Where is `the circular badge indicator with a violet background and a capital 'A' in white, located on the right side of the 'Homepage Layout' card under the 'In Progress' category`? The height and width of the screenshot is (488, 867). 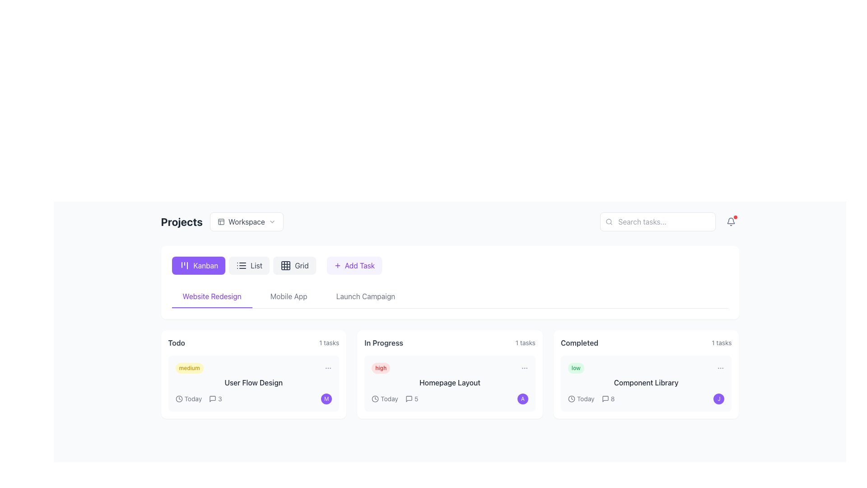 the circular badge indicator with a violet background and a capital 'A' in white, located on the right side of the 'Homepage Layout' card under the 'In Progress' category is located at coordinates (522, 399).